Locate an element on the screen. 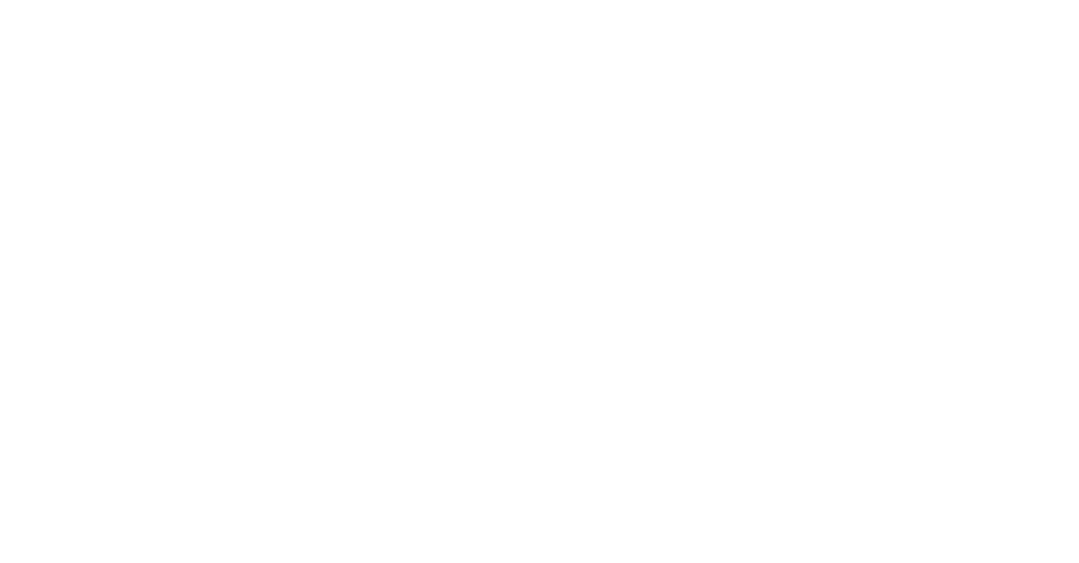 Image resolution: width=1079 pixels, height=563 pixels. 'Bildung, Studium, Forschung' is located at coordinates (1016, 177).